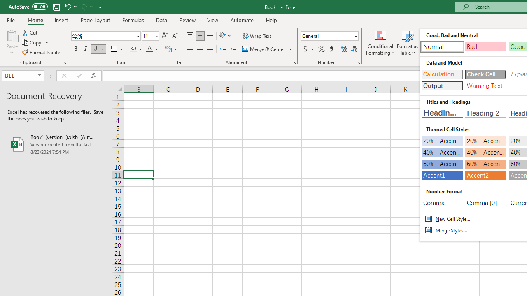 The height and width of the screenshot is (296, 527). Describe the element at coordinates (168, 49) in the screenshot. I see `'Show Phonetic Field'` at that location.